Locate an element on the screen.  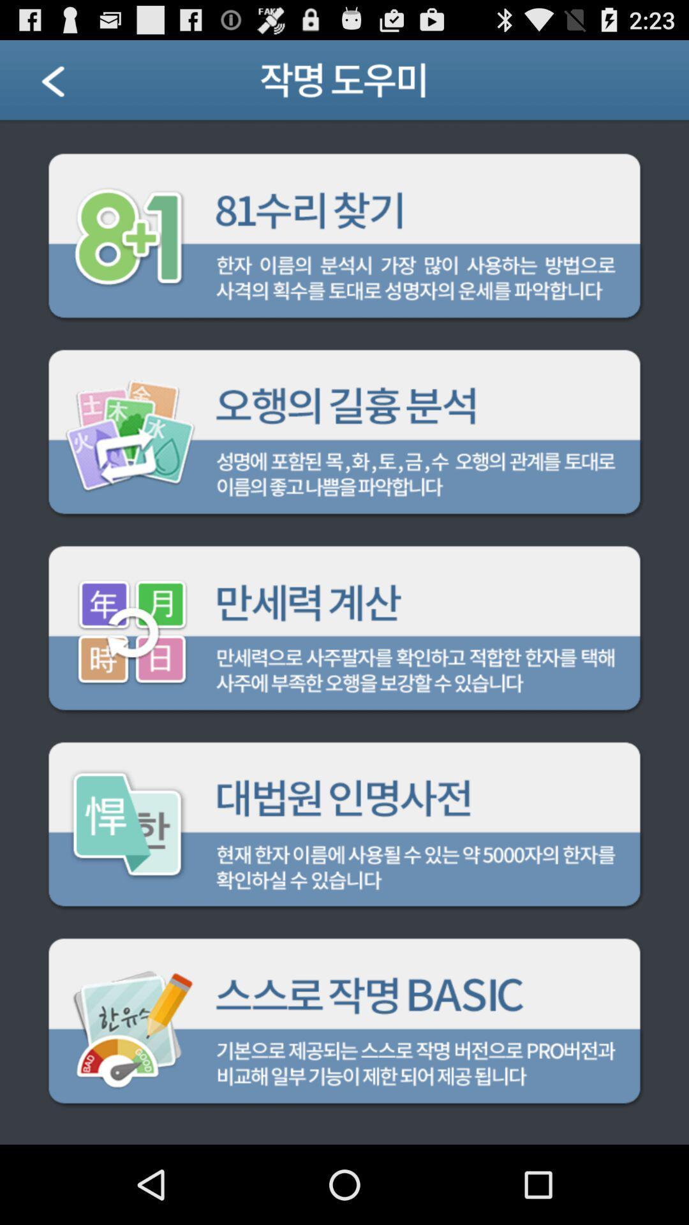
previous page is located at coordinates (69, 84).